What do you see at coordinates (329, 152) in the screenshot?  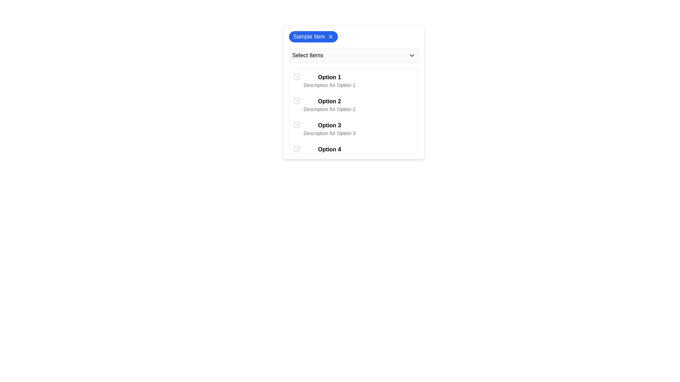 I see `the selectable list item labeled 'Option 4'` at bounding box center [329, 152].